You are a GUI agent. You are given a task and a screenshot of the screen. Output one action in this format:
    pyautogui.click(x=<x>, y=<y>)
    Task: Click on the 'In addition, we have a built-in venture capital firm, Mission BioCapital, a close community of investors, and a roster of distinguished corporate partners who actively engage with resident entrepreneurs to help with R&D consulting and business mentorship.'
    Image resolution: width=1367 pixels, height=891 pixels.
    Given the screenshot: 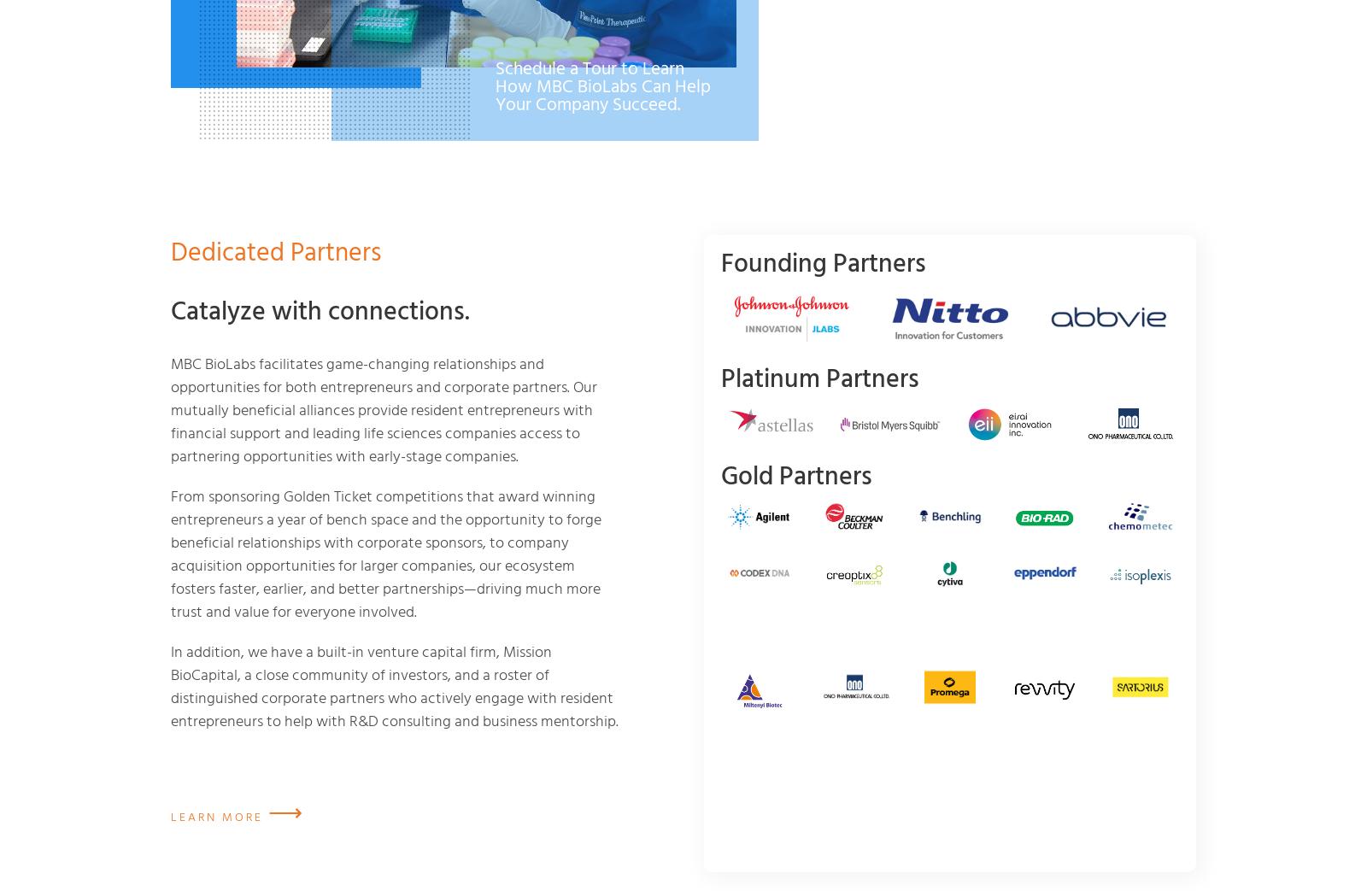 What is the action you would take?
    pyautogui.click(x=394, y=683)
    